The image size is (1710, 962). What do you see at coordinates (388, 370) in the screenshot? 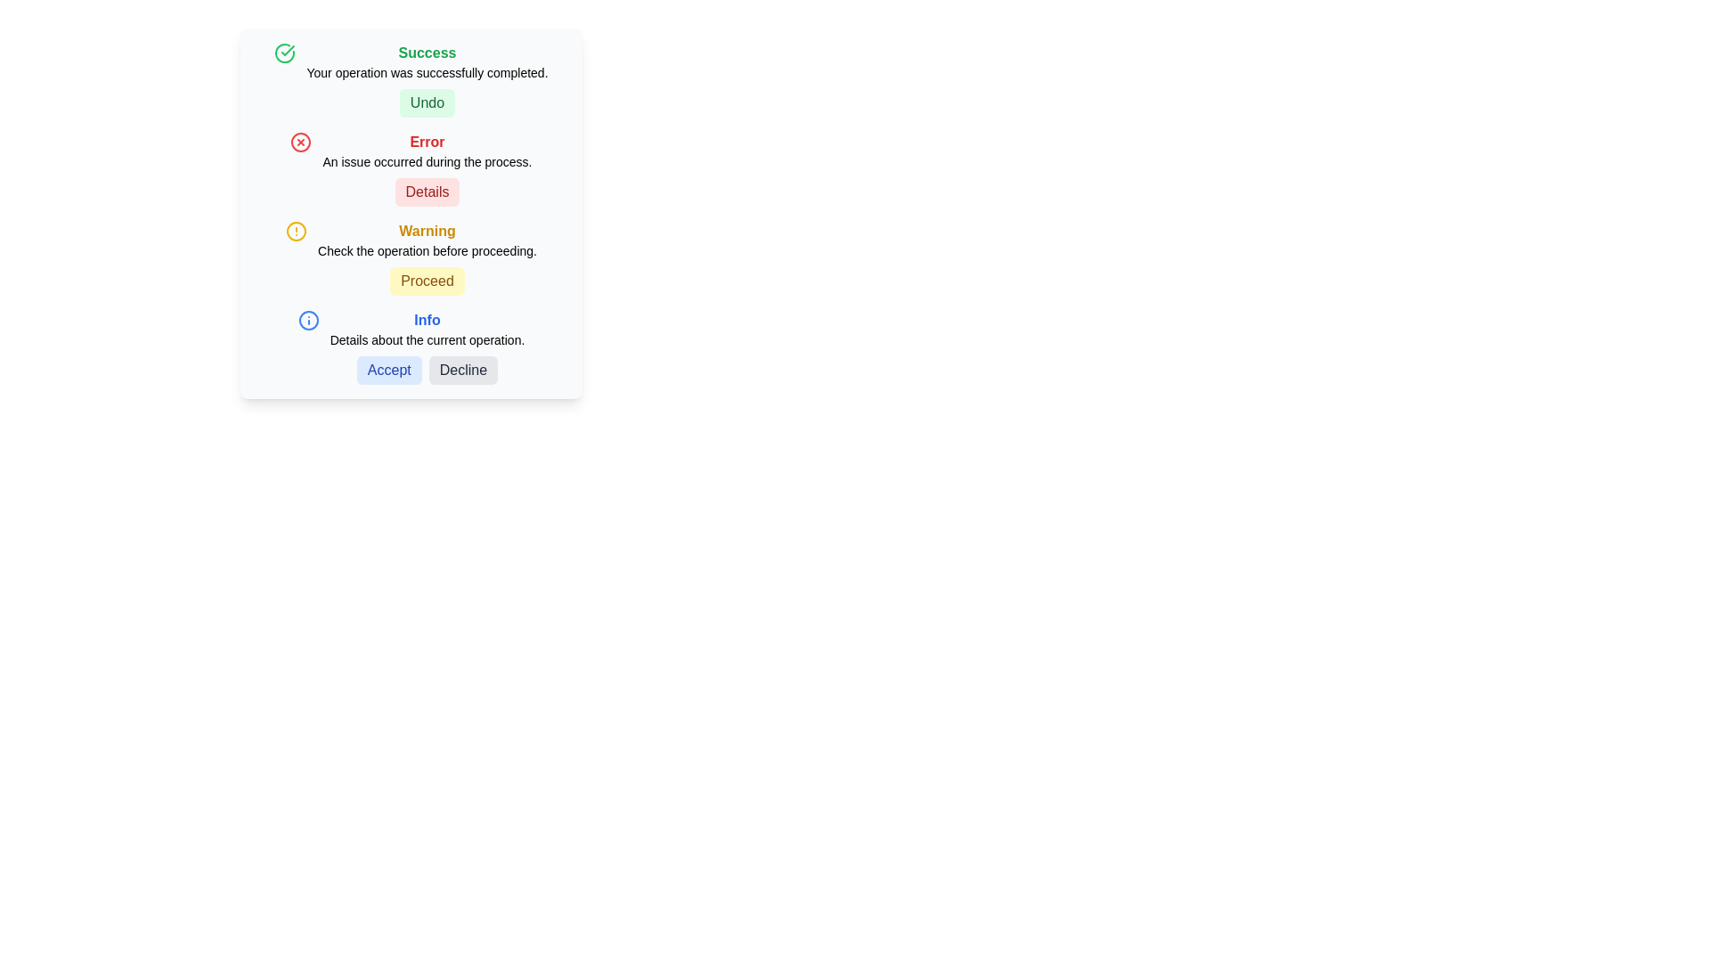
I see `the 'Accept' button, which has a blue background and white text, located at the bottom of the dialog box to the left of the 'Decline' button` at bounding box center [388, 370].